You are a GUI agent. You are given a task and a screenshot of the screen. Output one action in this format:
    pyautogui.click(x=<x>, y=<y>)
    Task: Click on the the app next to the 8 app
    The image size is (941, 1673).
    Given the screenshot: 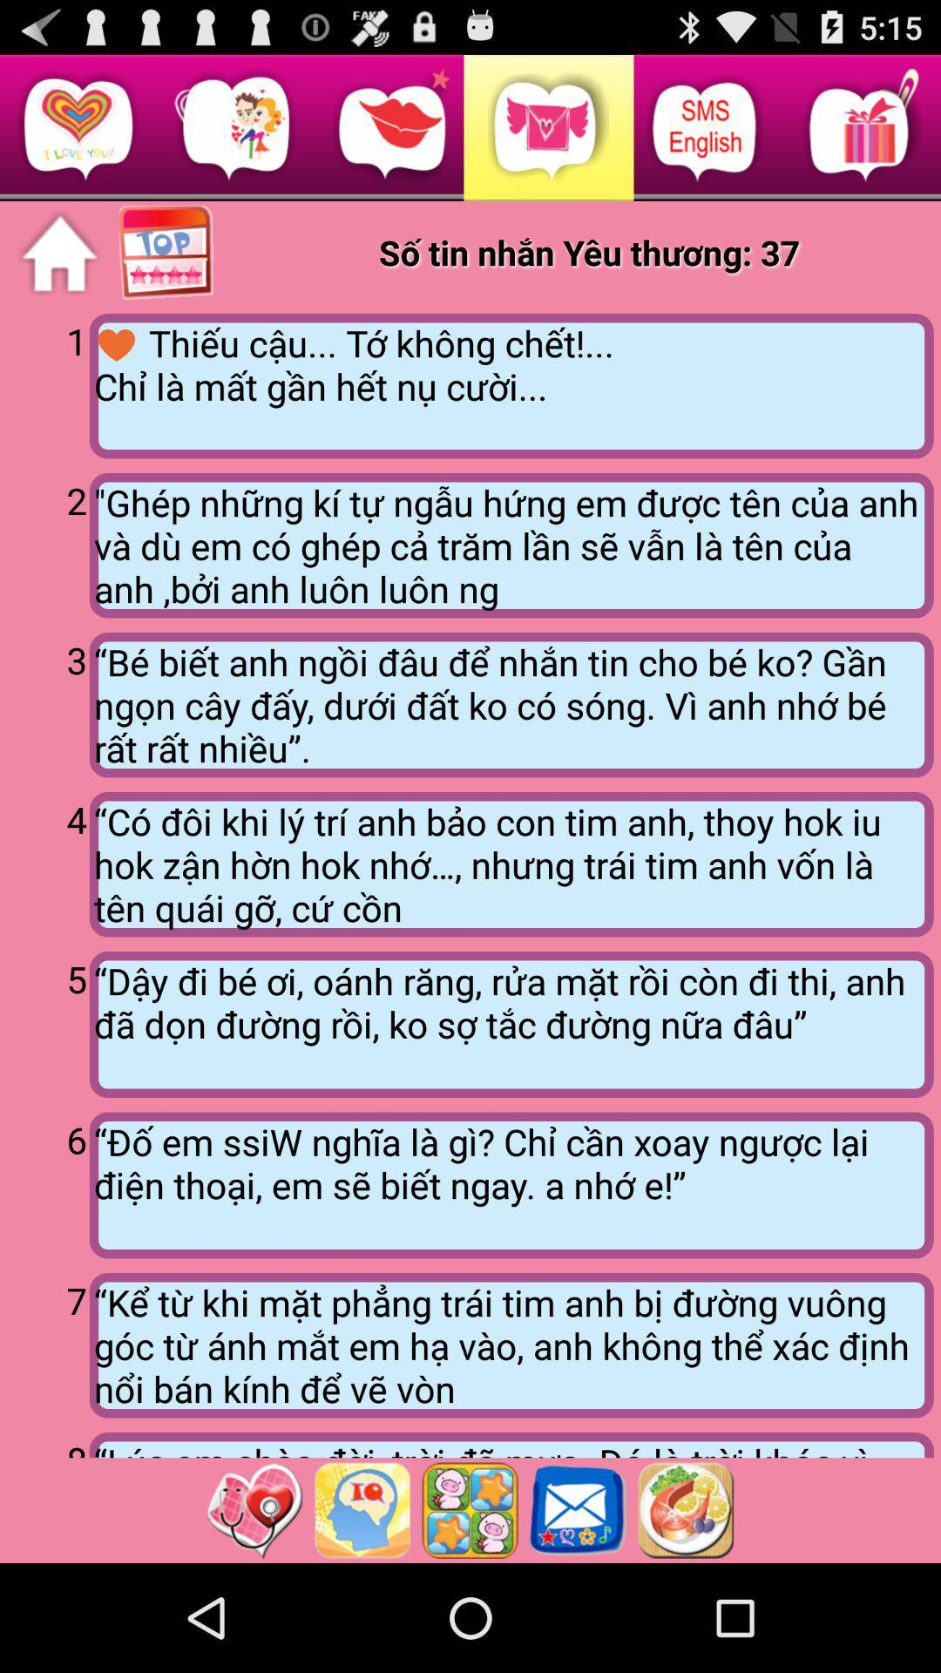 What is the action you would take?
    pyautogui.click(x=511, y=1445)
    